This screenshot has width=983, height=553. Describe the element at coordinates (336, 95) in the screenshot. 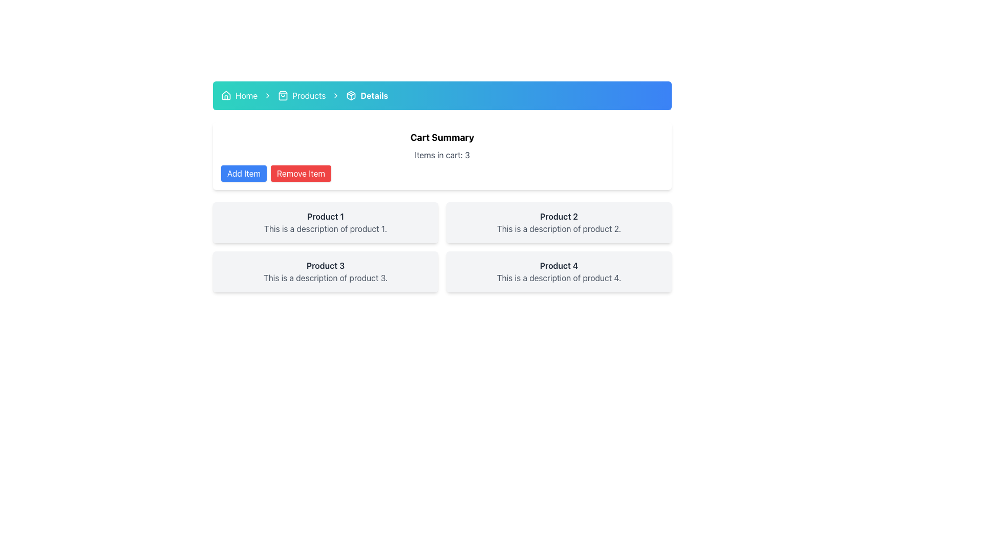

I see `the visual state of the third chevron icon in the breadcrumb navigation bar, which separates the 'Products' and 'Details' text, indicating a hierarchical relationship` at that location.